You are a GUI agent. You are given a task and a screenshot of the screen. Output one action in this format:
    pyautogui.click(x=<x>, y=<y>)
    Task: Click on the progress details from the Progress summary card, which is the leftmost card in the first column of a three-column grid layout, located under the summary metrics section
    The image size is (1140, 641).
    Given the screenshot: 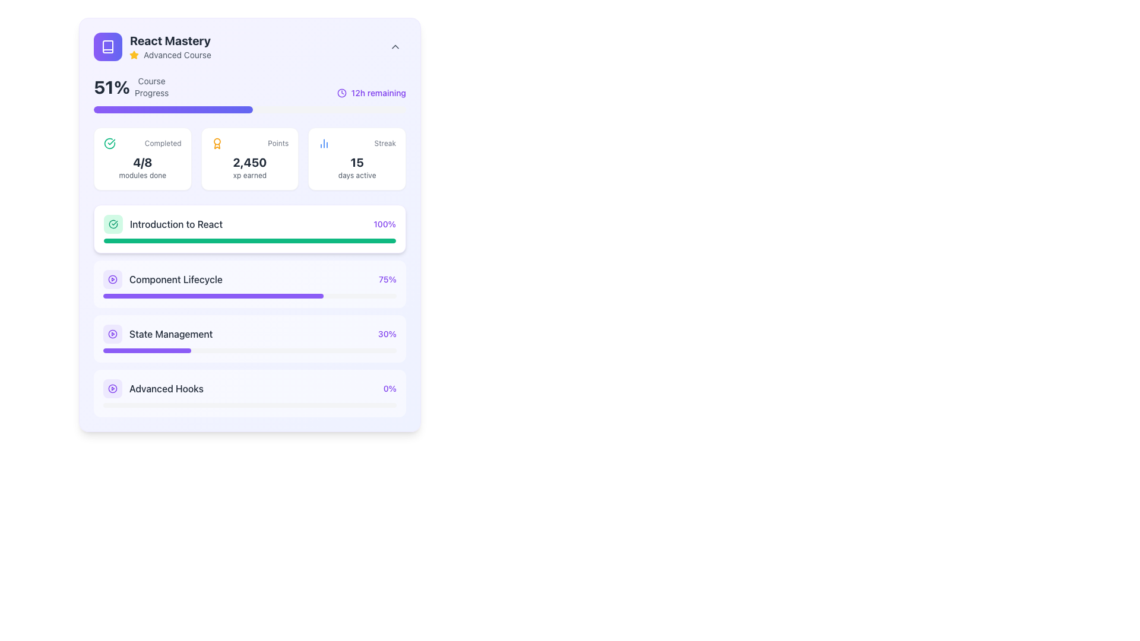 What is the action you would take?
    pyautogui.click(x=142, y=158)
    